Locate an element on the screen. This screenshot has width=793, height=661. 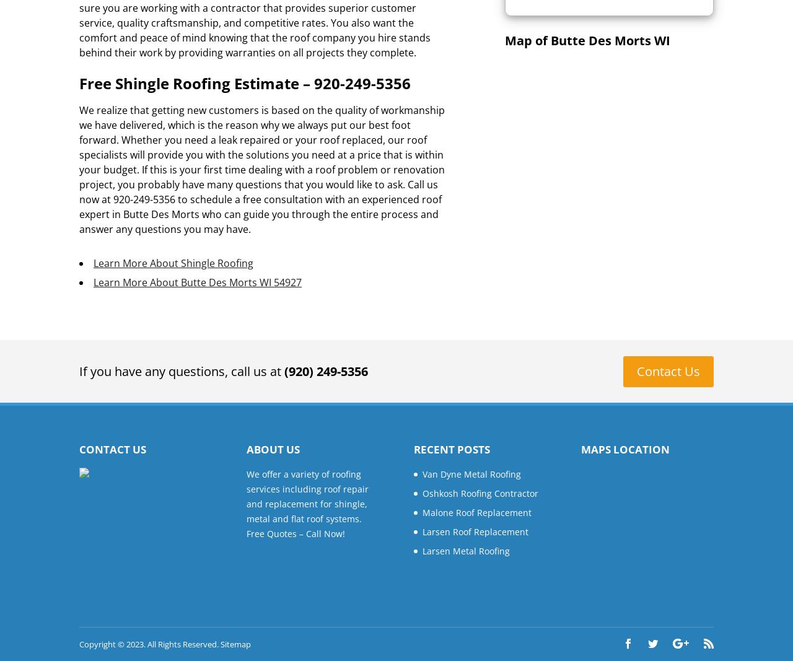
'Malone Roof Replacement' is located at coordinates (476, 511).